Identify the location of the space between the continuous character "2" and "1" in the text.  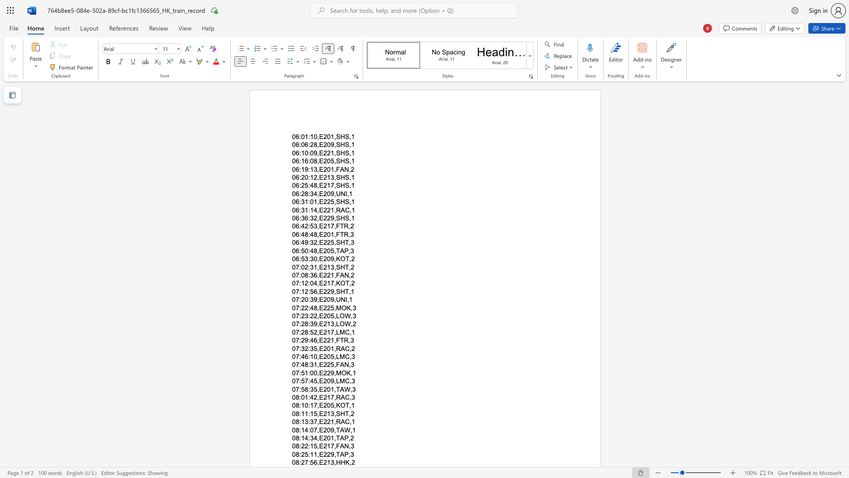
(326, 266).